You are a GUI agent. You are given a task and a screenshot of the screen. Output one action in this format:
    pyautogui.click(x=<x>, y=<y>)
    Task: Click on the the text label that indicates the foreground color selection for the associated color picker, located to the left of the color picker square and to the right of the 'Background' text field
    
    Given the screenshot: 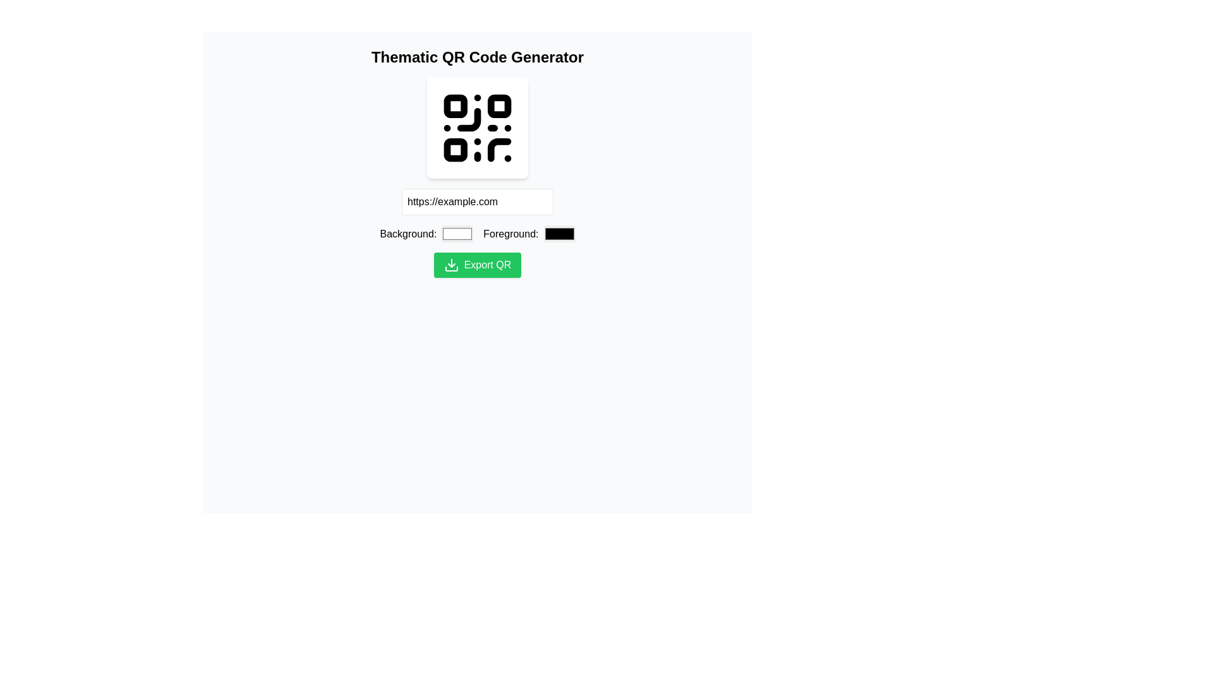 What is the action you would take?
    pyautogui.click(x=510, y=234)
    